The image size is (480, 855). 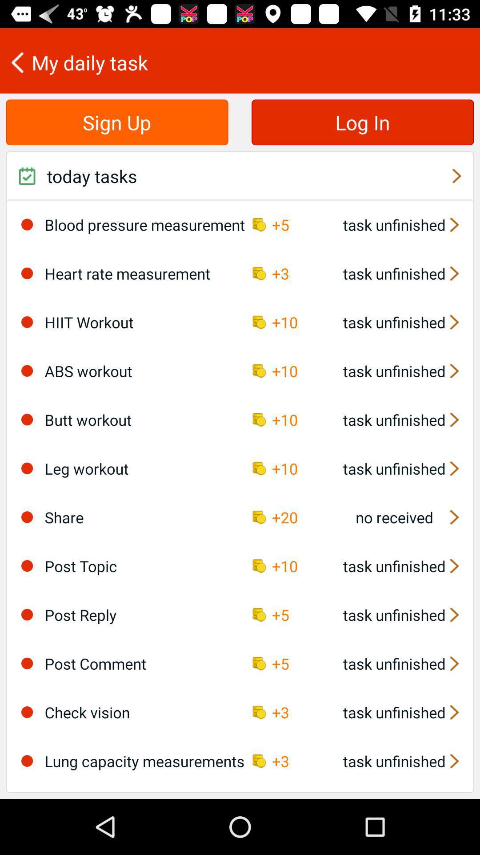 What do you see at coordinates (27, 419) in the screenshot?
I see `list dot marker` at bounding box center [27, 419].